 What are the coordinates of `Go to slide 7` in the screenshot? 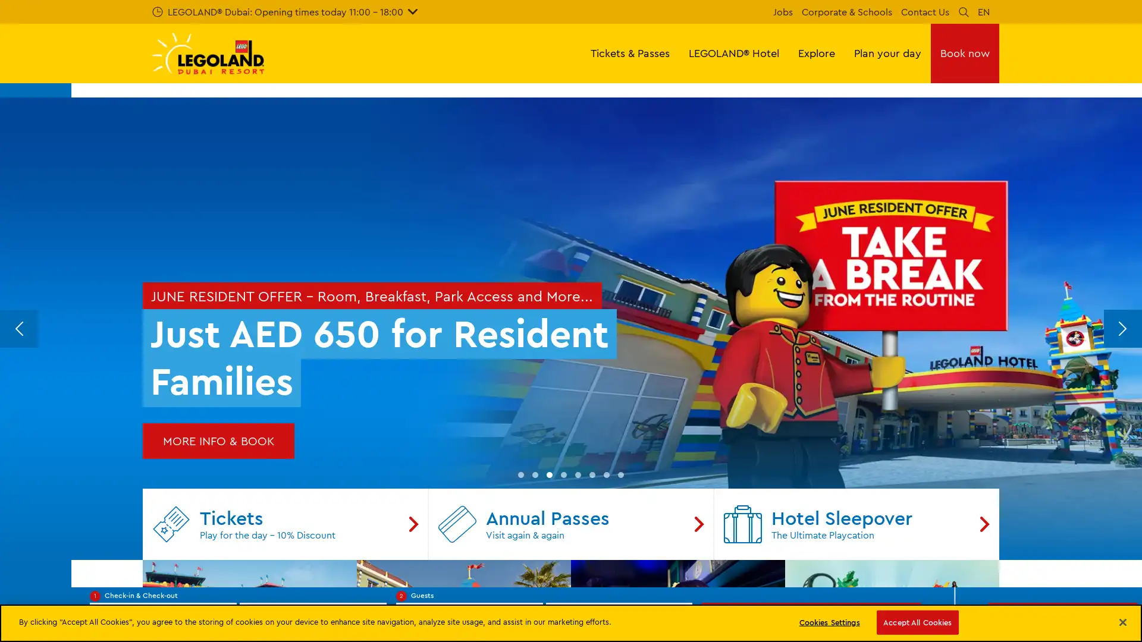 It's located at (606, 474).